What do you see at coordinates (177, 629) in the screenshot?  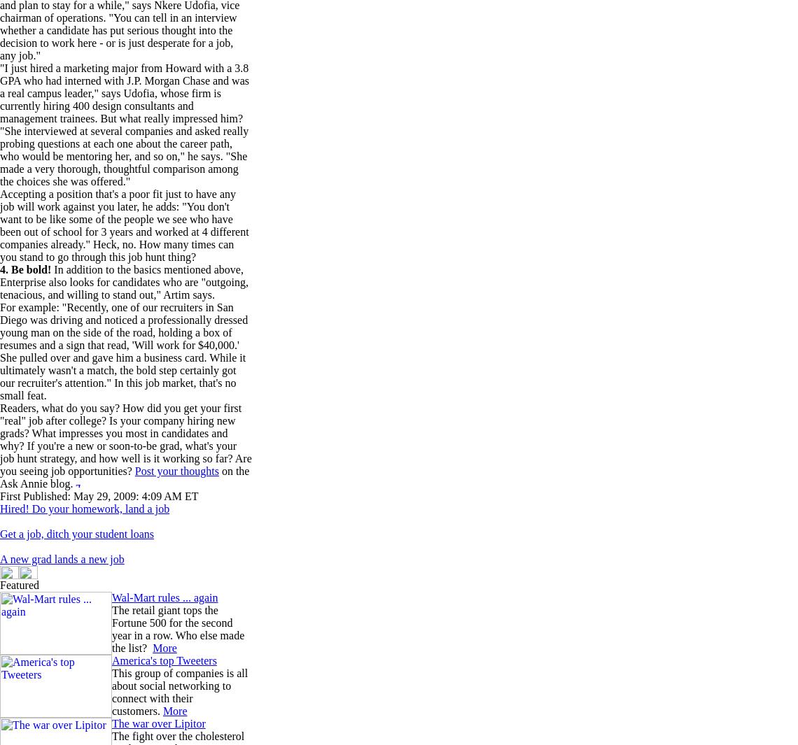 I see `'The retail giant tops the Fortune 500 for the second year in a row. Who else made the list?'` at bounding box center [177, 629].